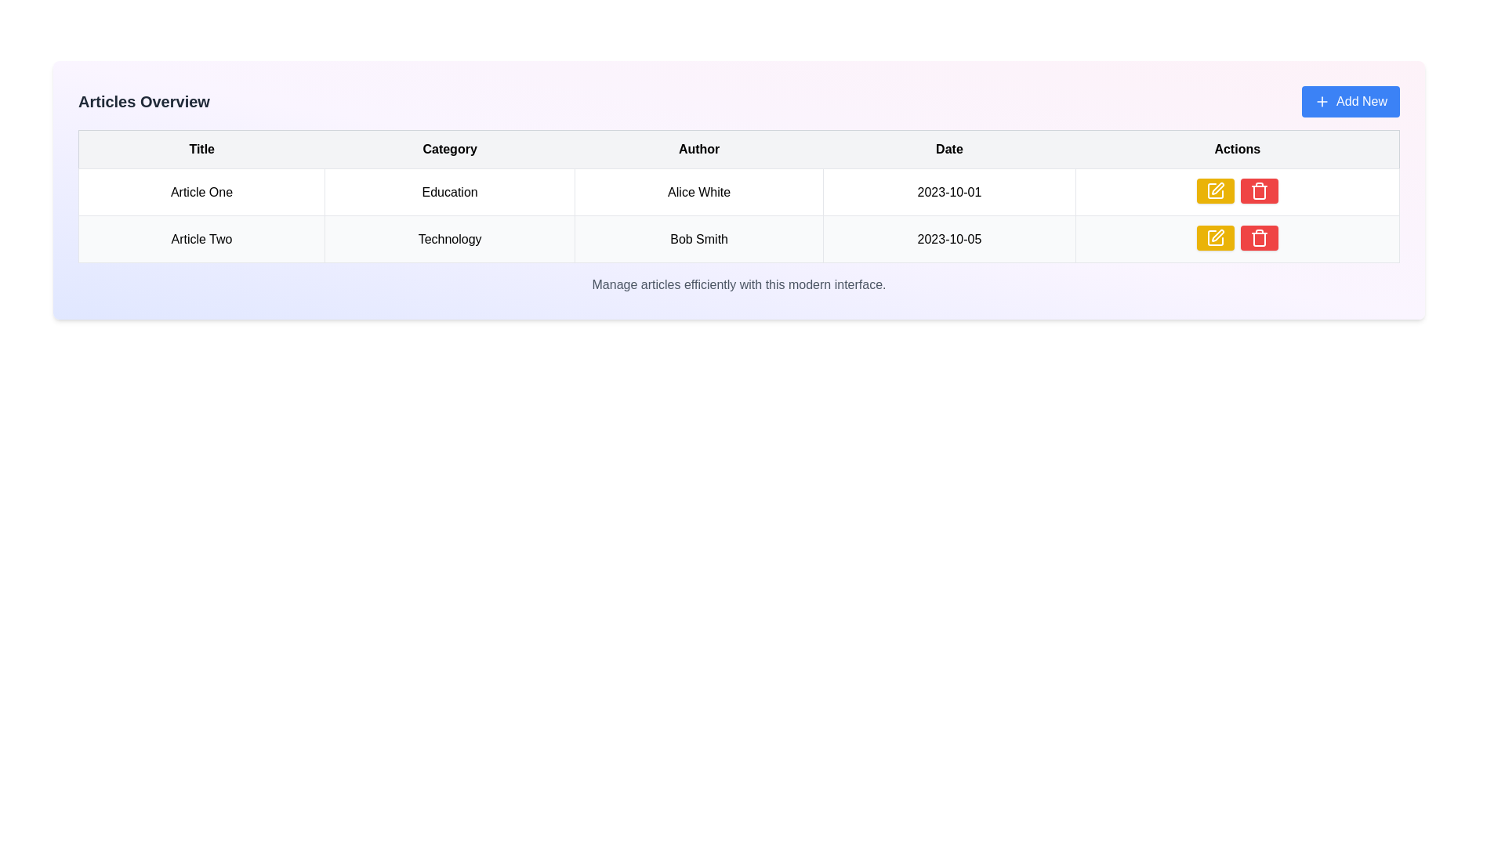  What do you see at coordinates (1214, 190) in the screenshot?
I see `the yellow edit icon button in the 'Actions' column of the second row of the table` at bounding box center [1214, 190].